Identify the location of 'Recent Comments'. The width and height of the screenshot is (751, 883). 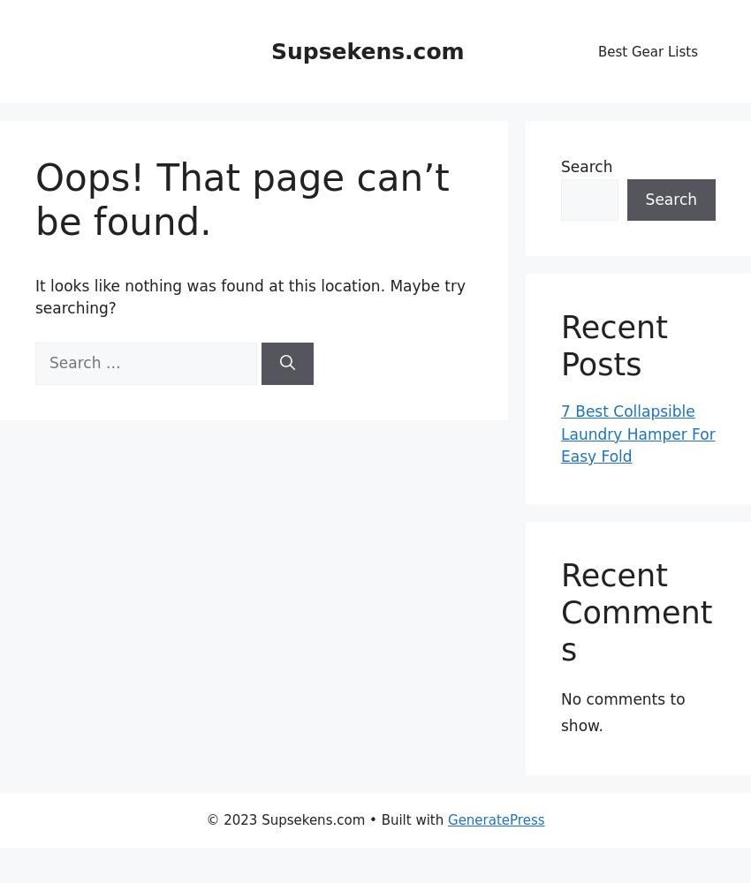
(635, 611).